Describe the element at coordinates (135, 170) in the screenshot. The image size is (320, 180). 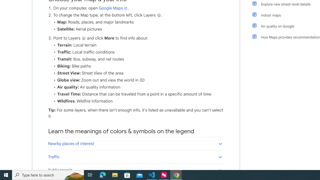
I see `'Public transit'` at that location.